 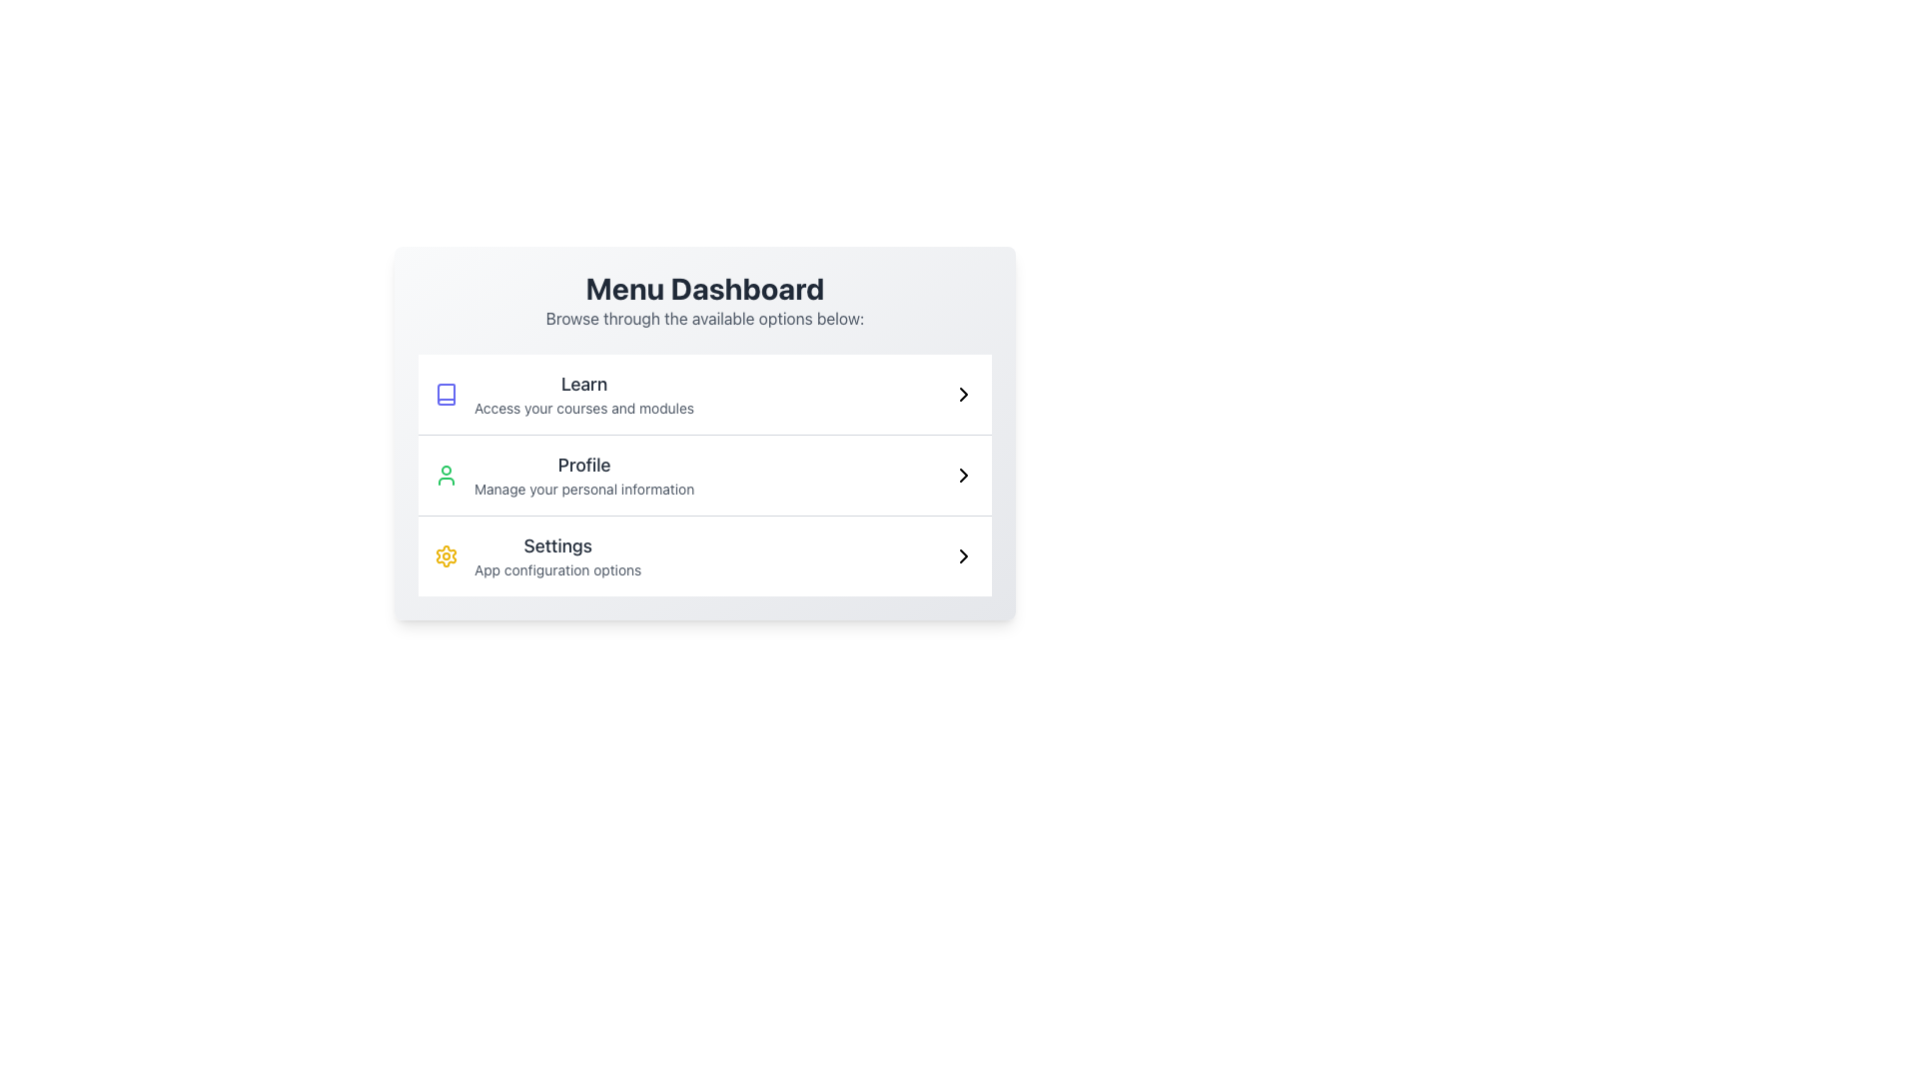 I want to click on the settings icon located at the bottom section of the options in the card layout, which serves as a visual indicator for configuring the application, so click(x=445, y=555).